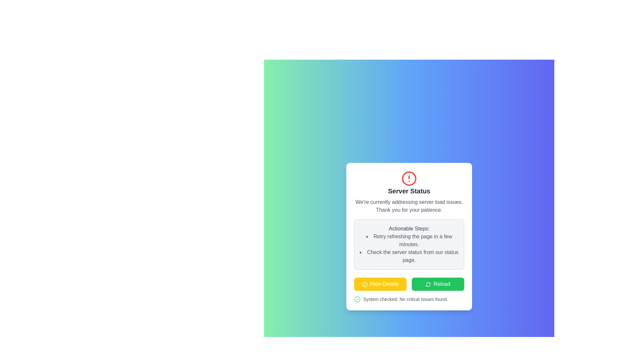 Image resolution: width=629 pixels, height=354 pixels. I want to click on the bullet-point list that provides suggested actions for addressing potential server issues, located below the 'Actionable Steps:' header, so click(409, 248).